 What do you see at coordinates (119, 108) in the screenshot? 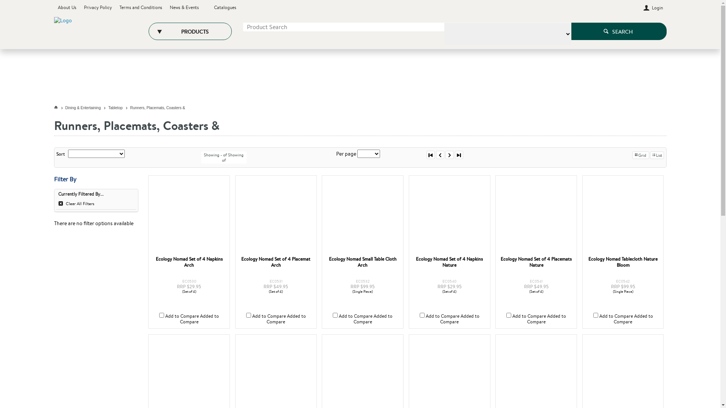
I see `'Tabletop'` at bounding box center [119, 108].